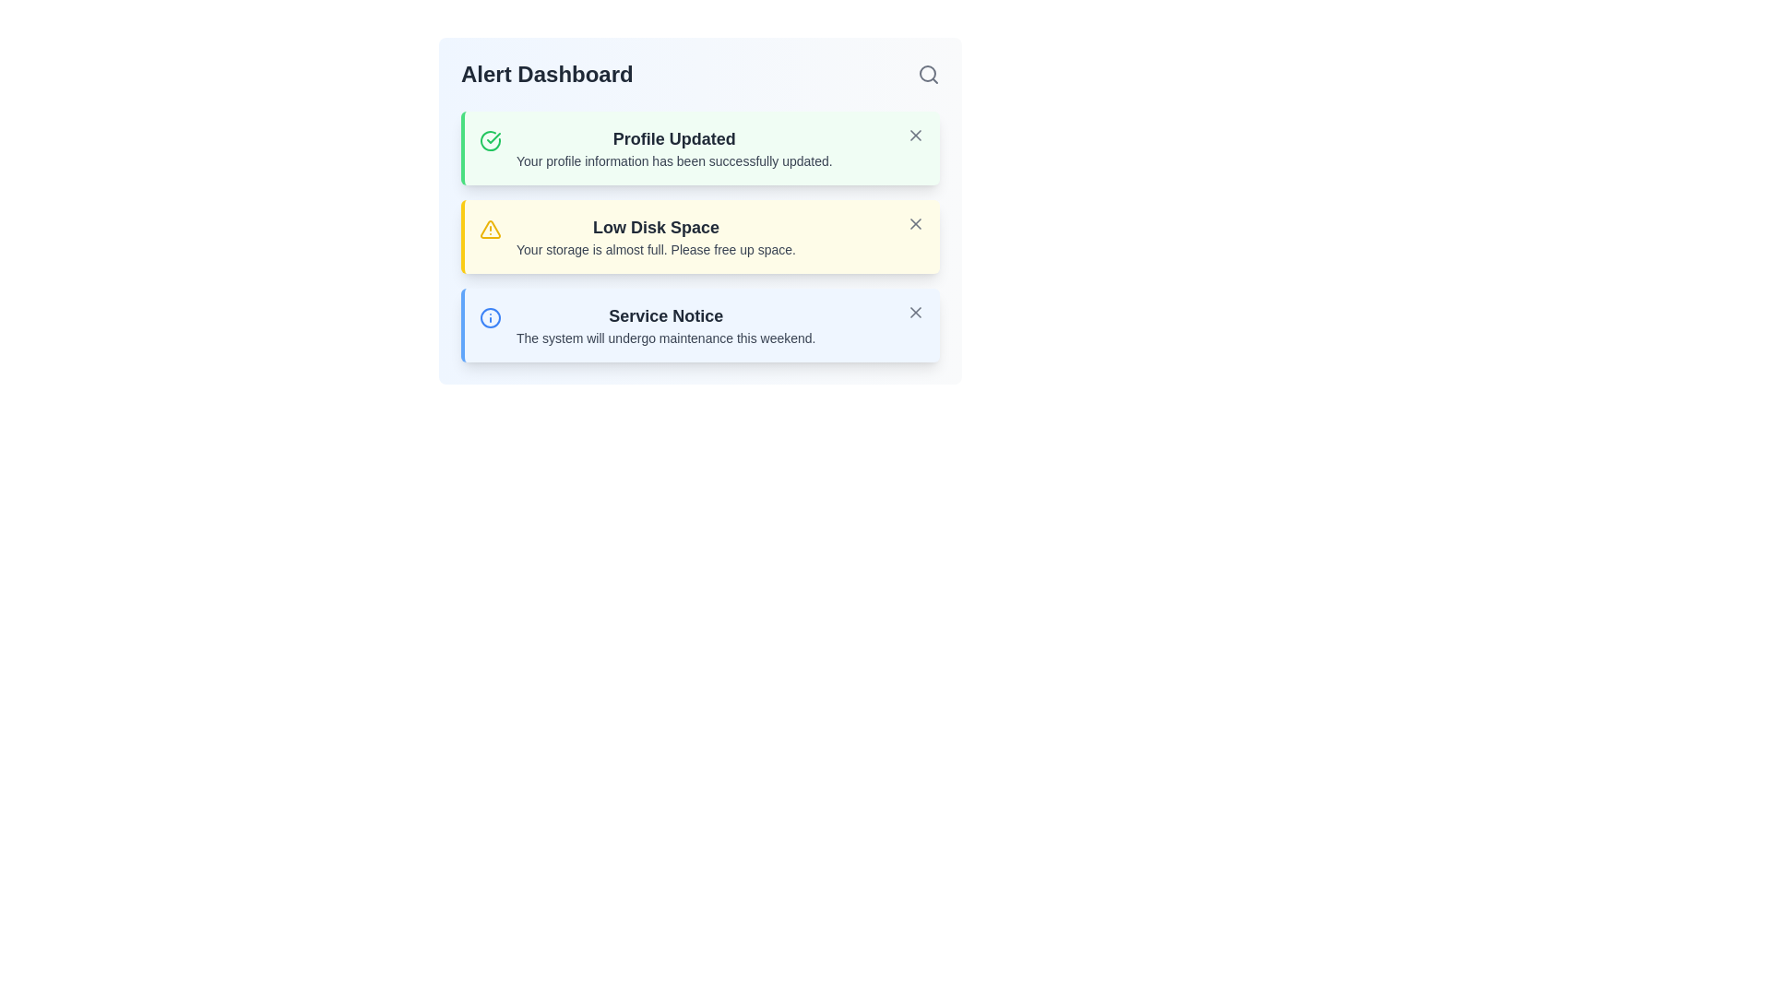 The width and height of the screenshot is (1771, 996). I want to click on the SVG Circle, which is a circular graphical component representing part of a search icon located at the upper-right corner of the user interface, so click(928, 73).